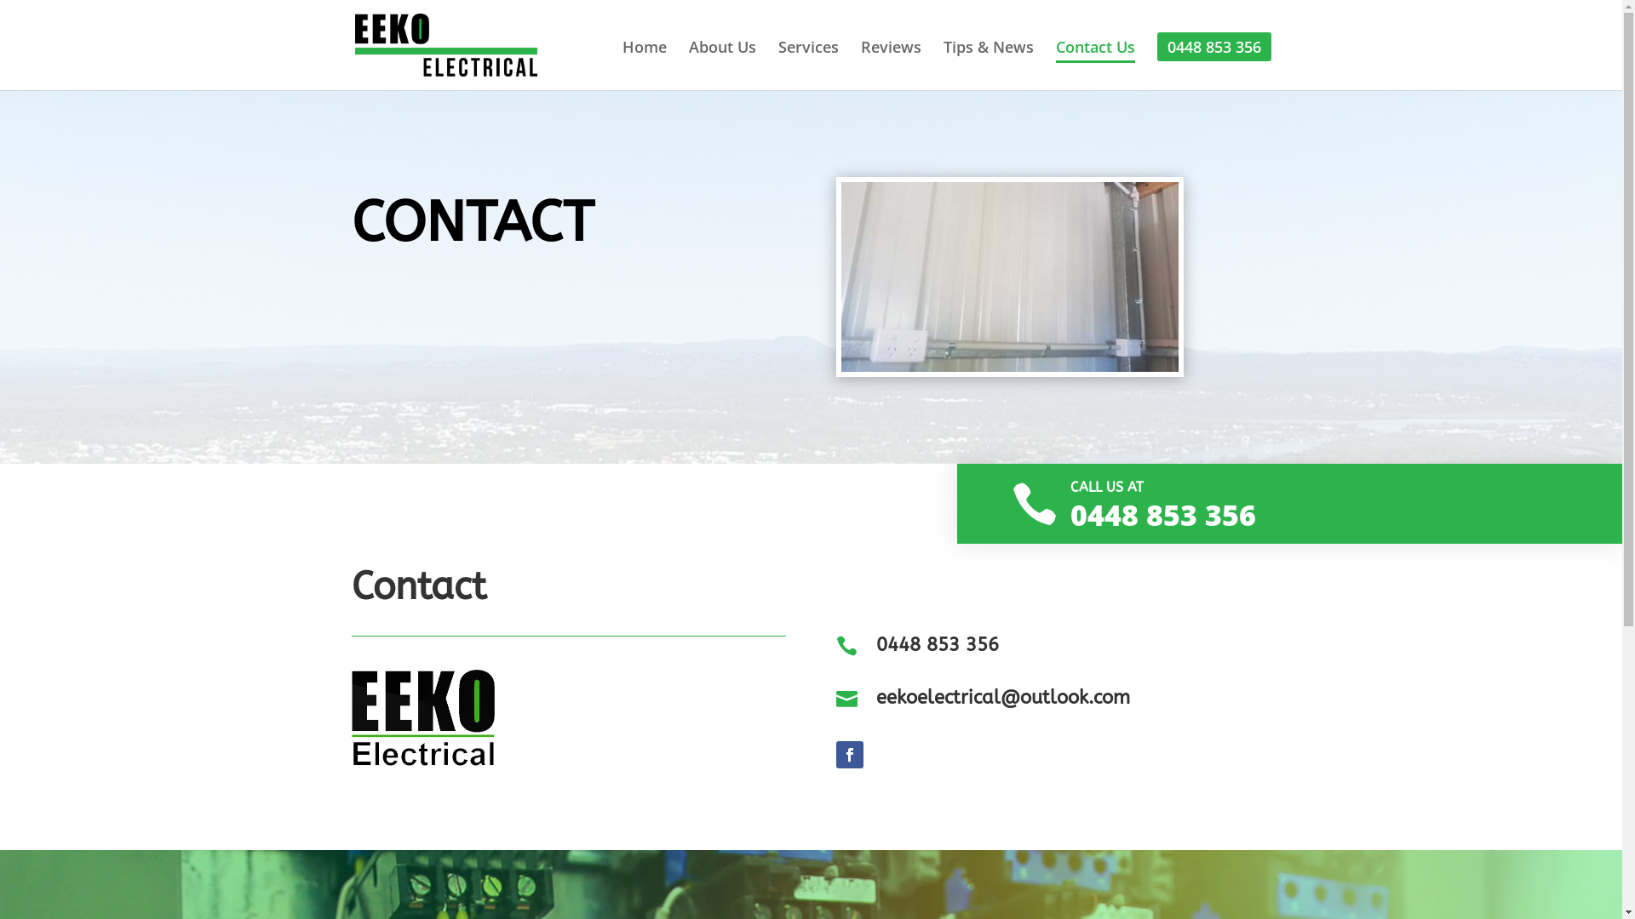 This screenshot has width=1635, height=919. Describe the element at coordinates (936, 645) in the screenshot. I see `'0448 853 356'` at that location.